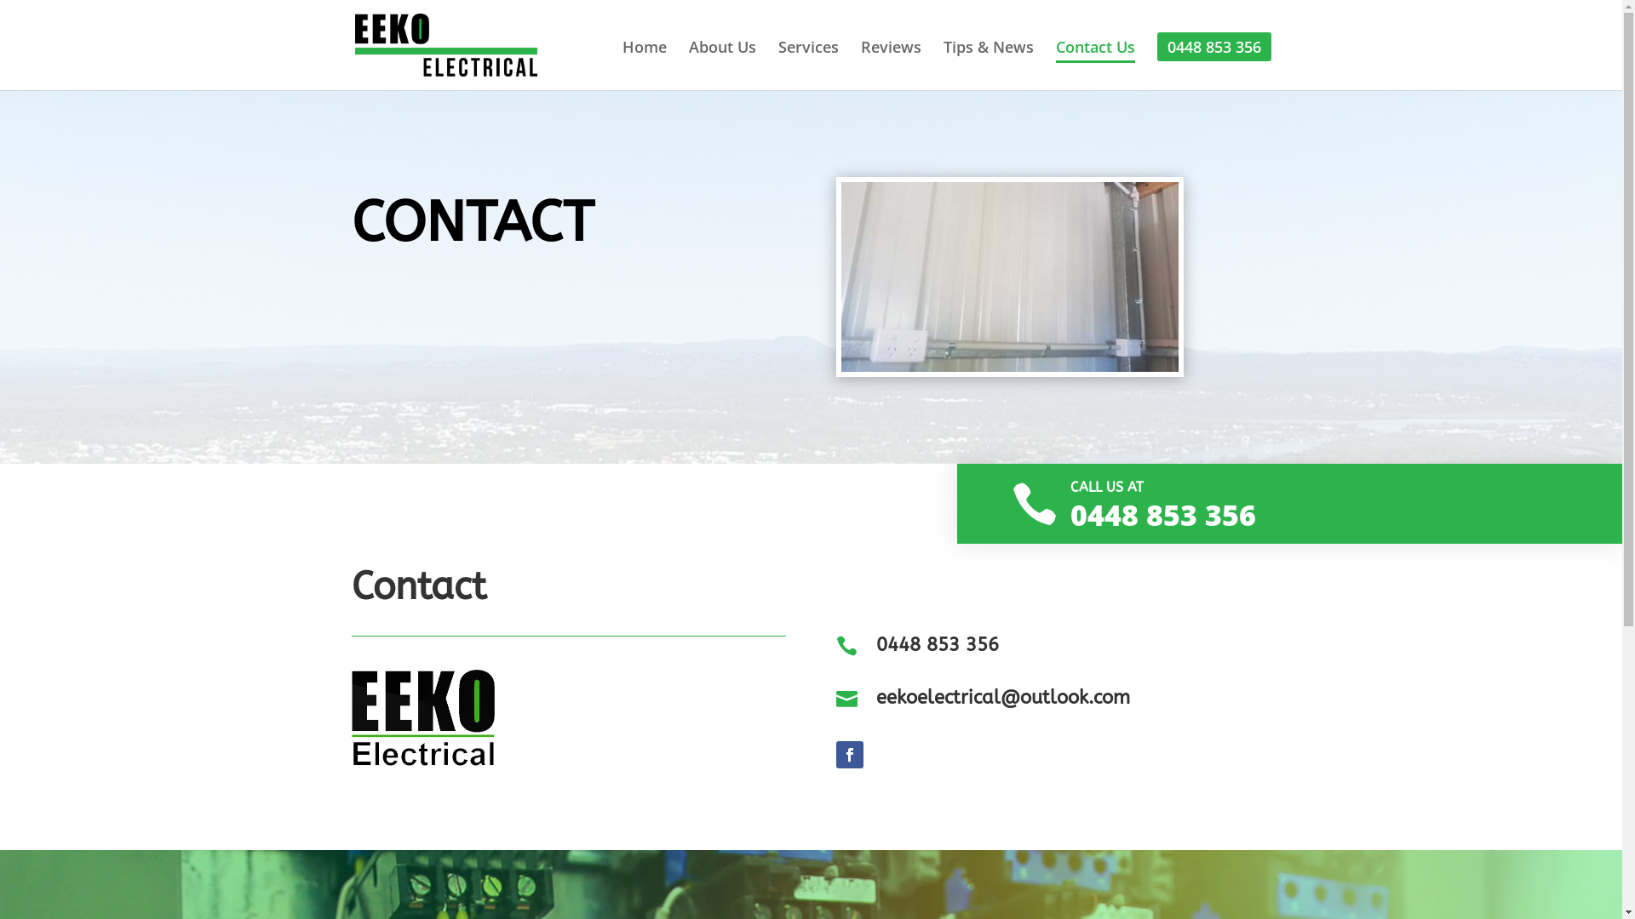 This screenshot has width=1635, height=919. Describe the element at coordinates (936, 645) in the screenshot. I see `'0448 853 356'` at that location.